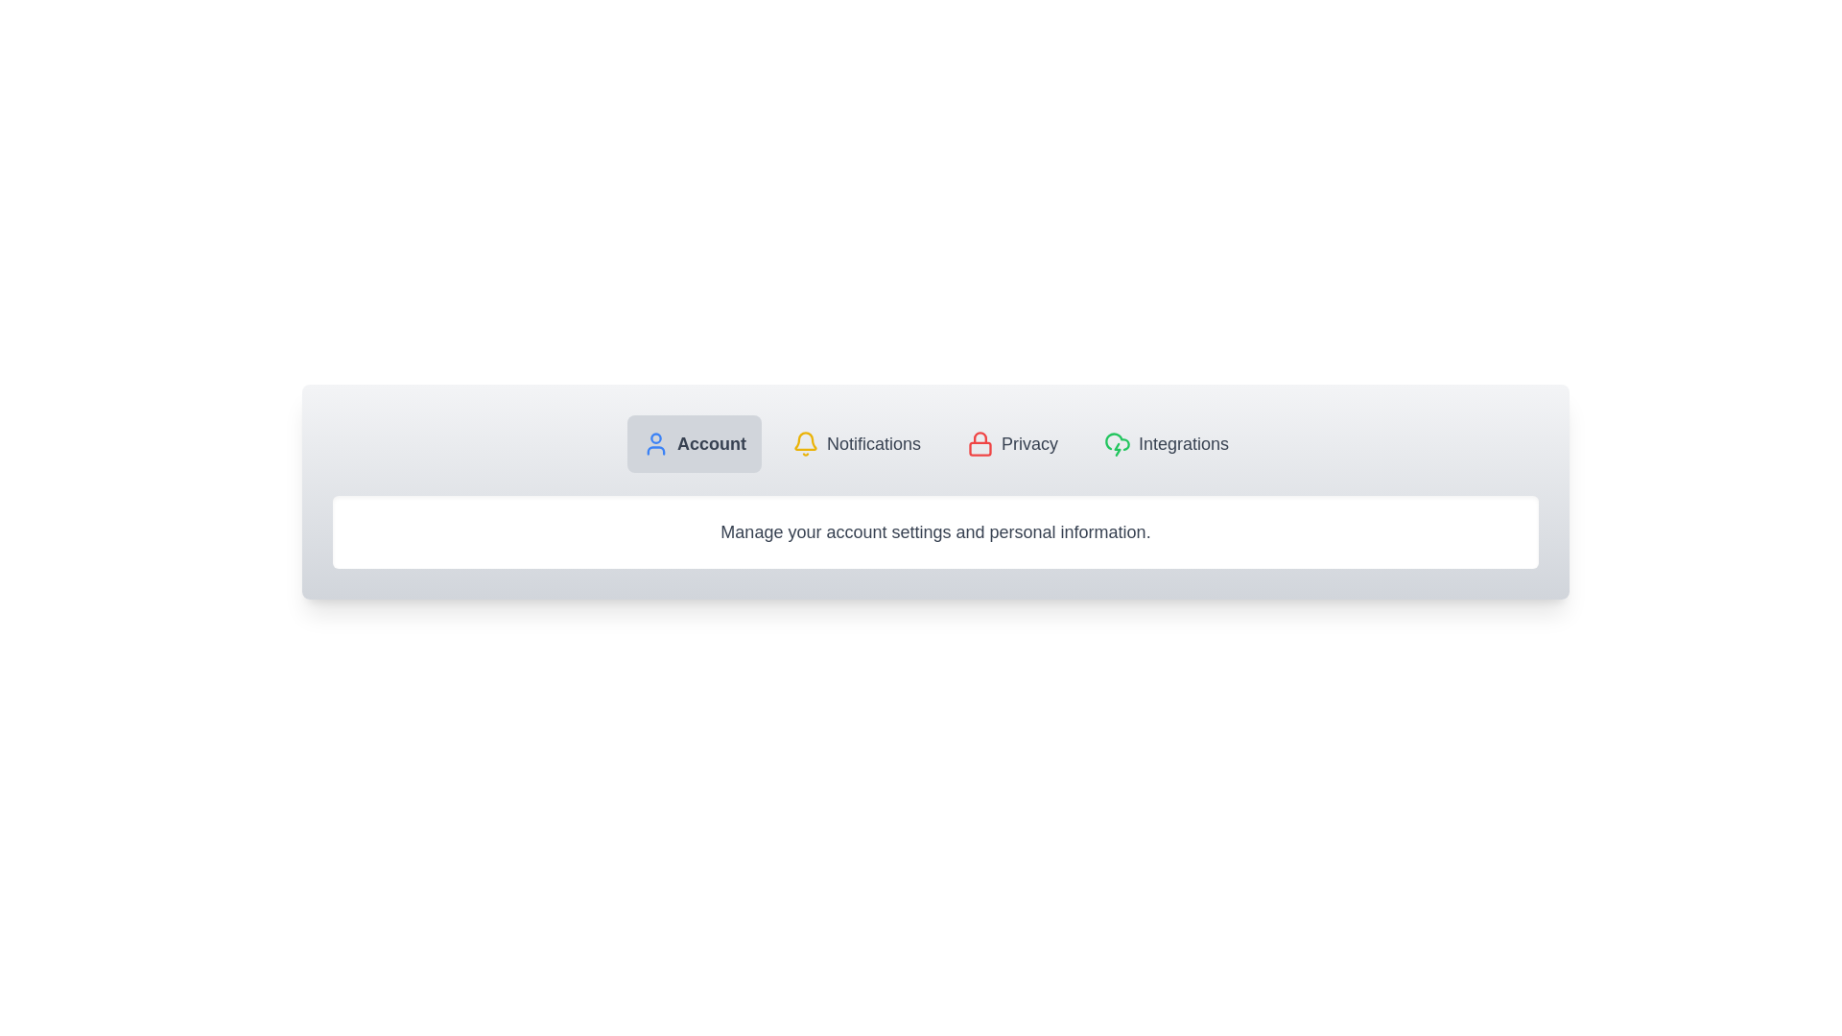 This screenshot has width=1842, height=1036. What do you see at coordinates (980, 437) in the screenshot?
I see `the upper curved part of the lock icon located in the 'Privacy' section of the navigation bar for accessibility purposes` at bounding box center [980, 437].